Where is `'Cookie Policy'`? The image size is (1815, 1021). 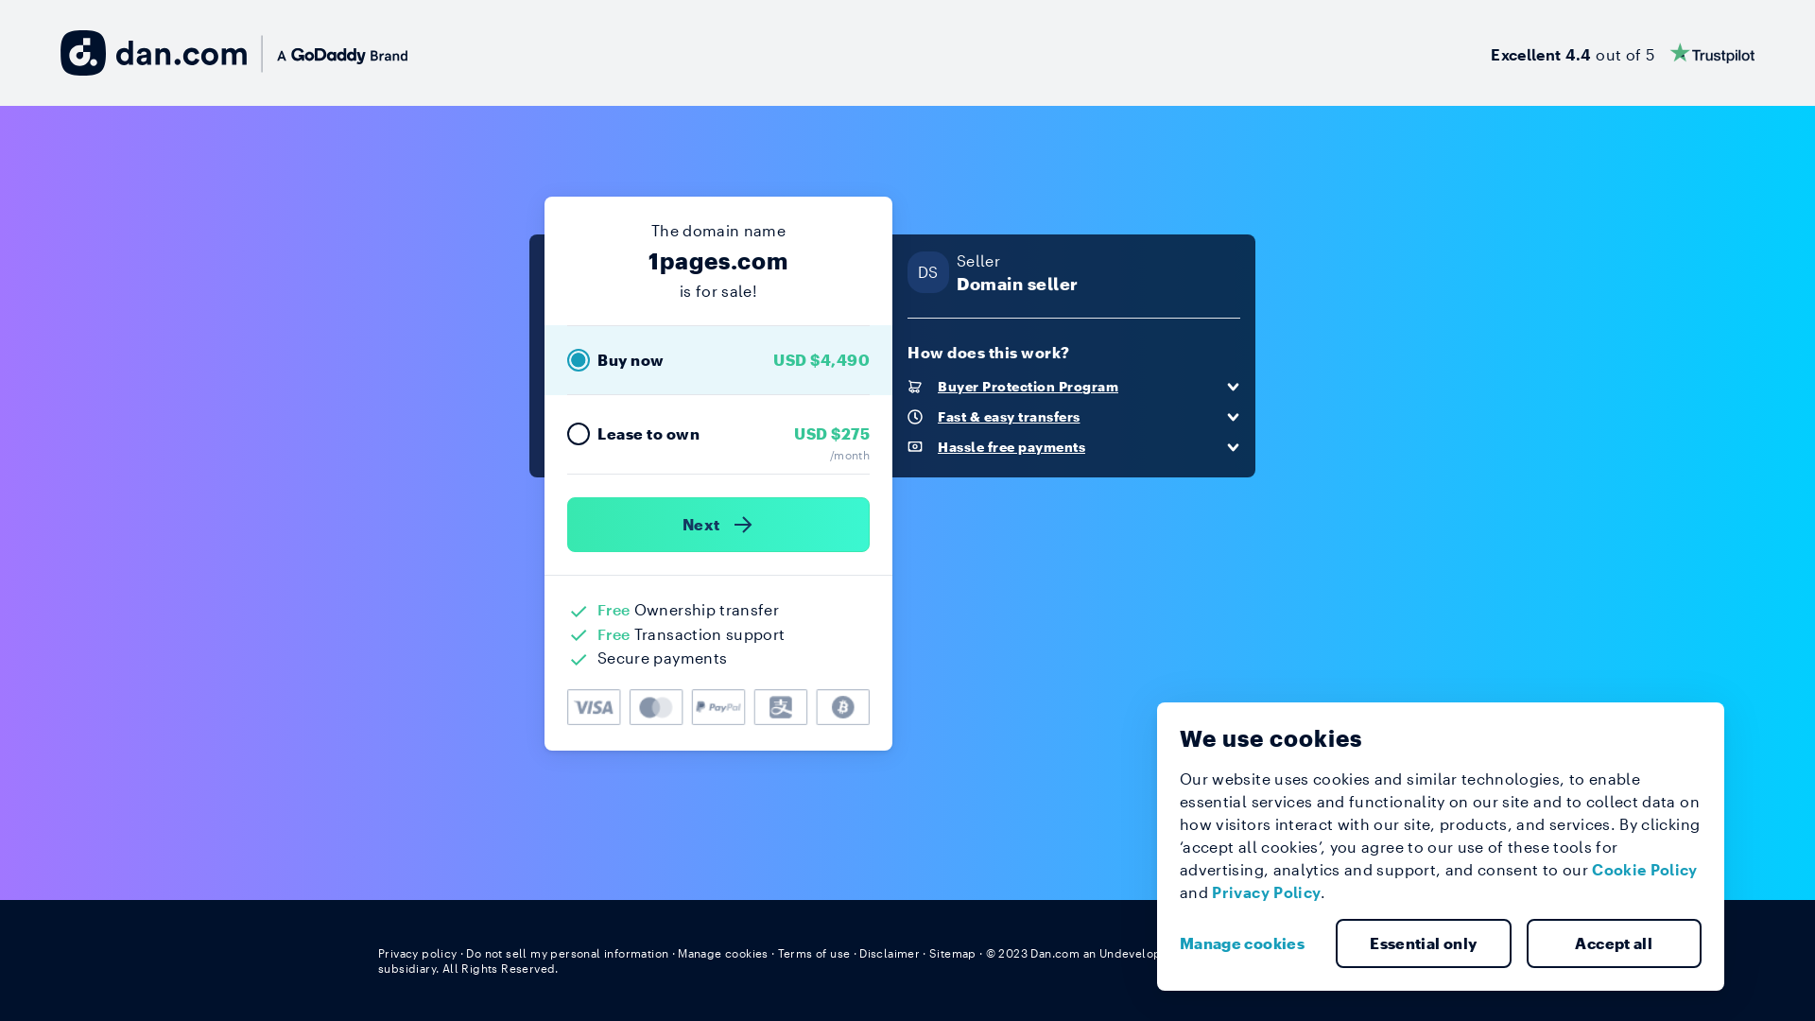 'Cookie Policy' is located at coordinates (1643, 869).